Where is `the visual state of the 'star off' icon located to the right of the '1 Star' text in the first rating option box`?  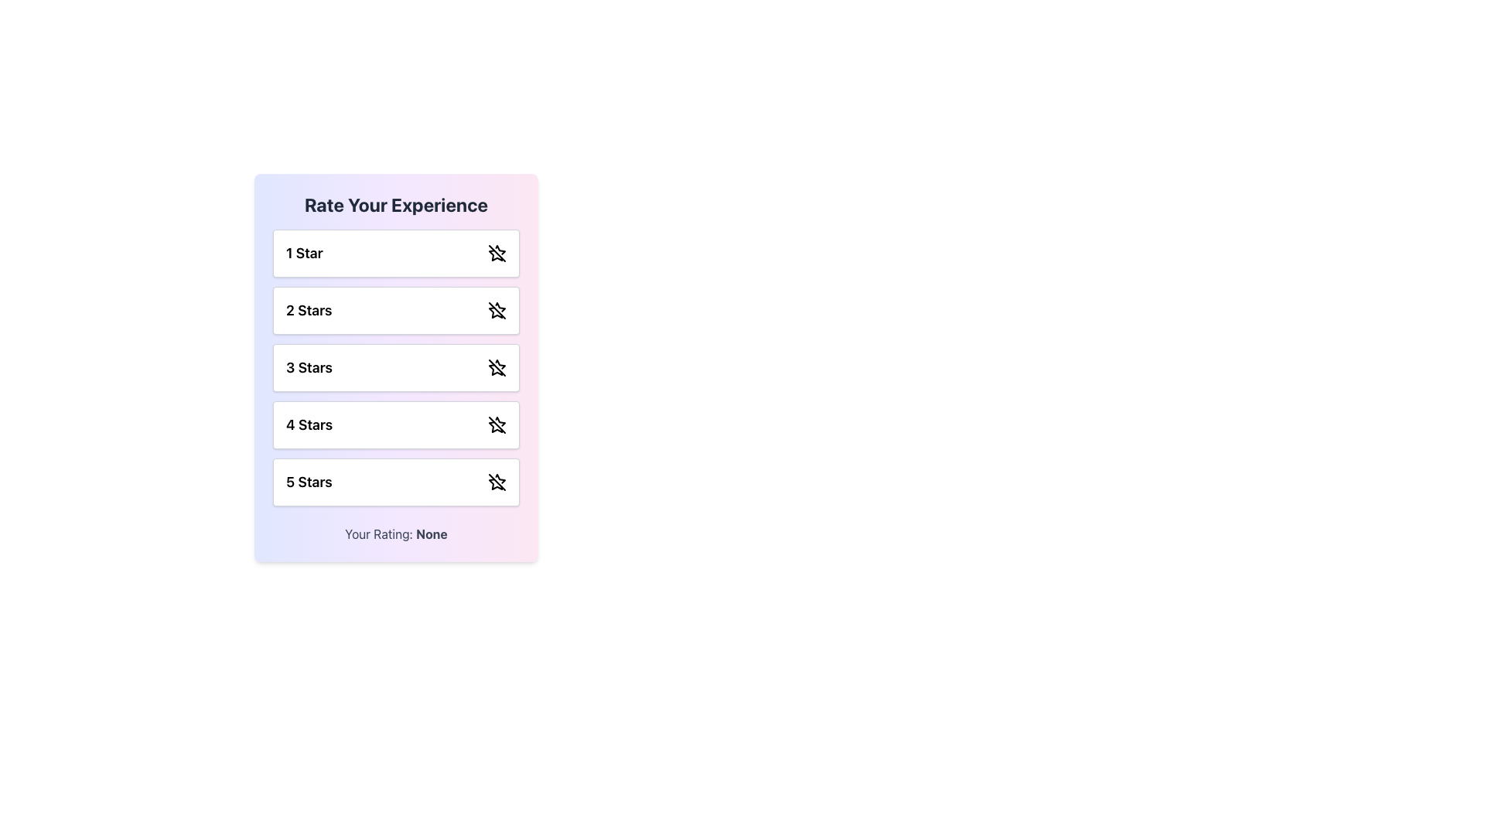 the visual state of the 'star off' icon located to the right of the '1 Star' text in the first rating option box is located at coordinates (497, 252).